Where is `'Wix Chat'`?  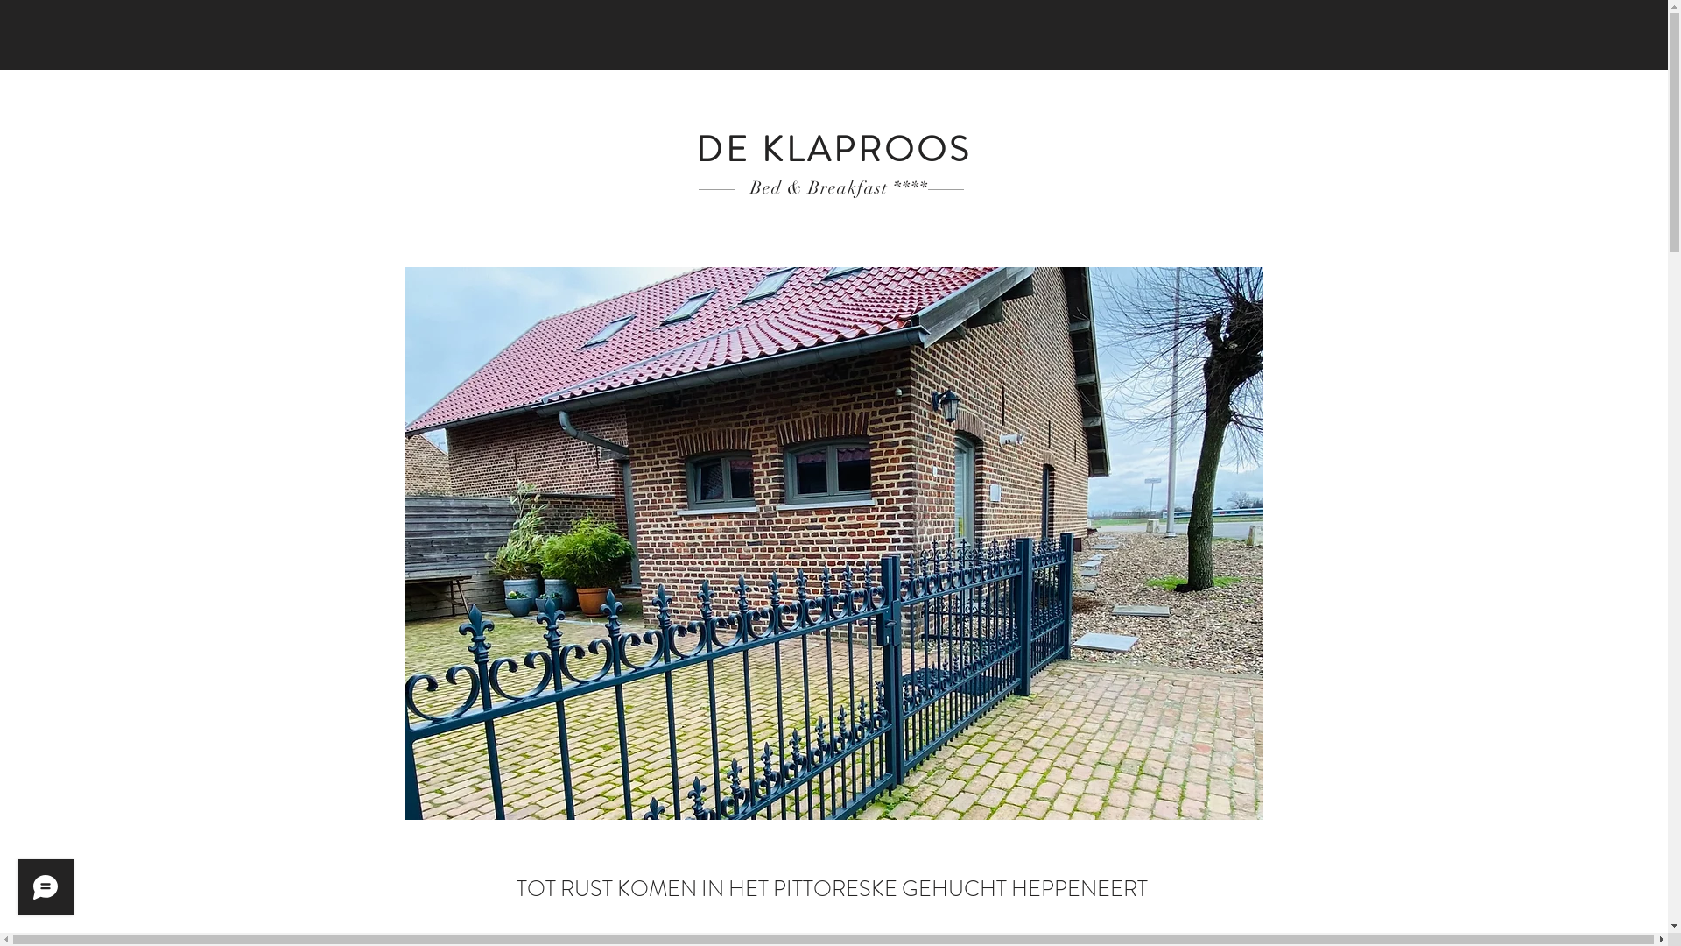
'Wix Chat' is located at coordinates (41, 892).